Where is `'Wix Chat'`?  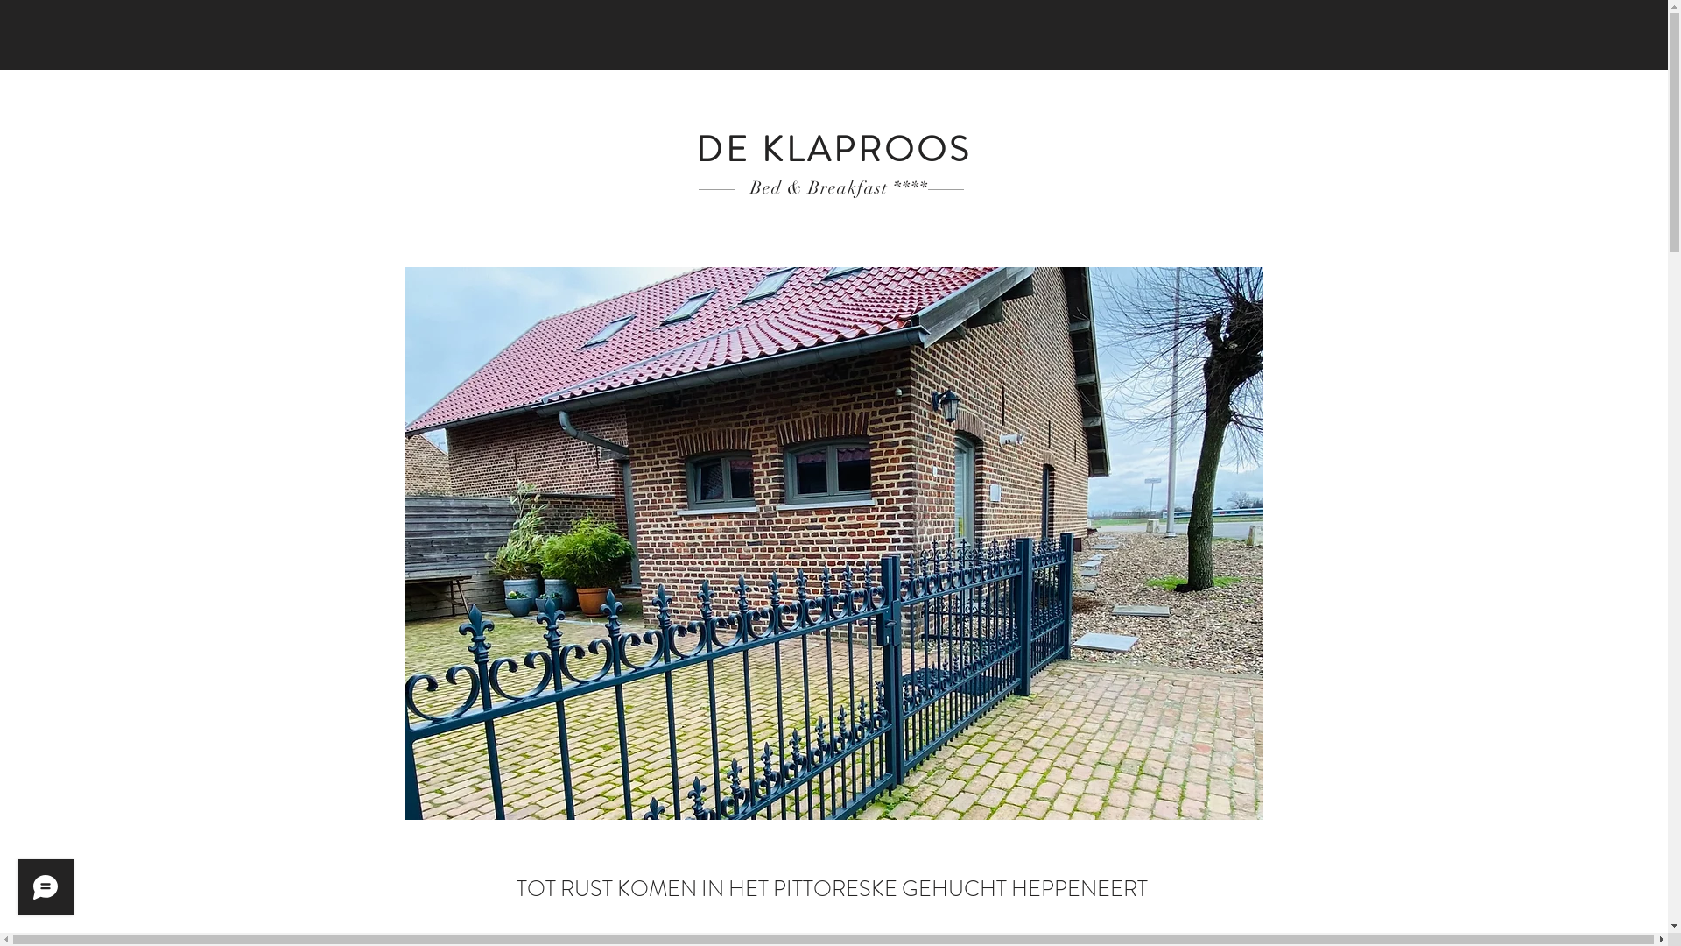
'Wix Chat' is located at coordinates (41, 892).